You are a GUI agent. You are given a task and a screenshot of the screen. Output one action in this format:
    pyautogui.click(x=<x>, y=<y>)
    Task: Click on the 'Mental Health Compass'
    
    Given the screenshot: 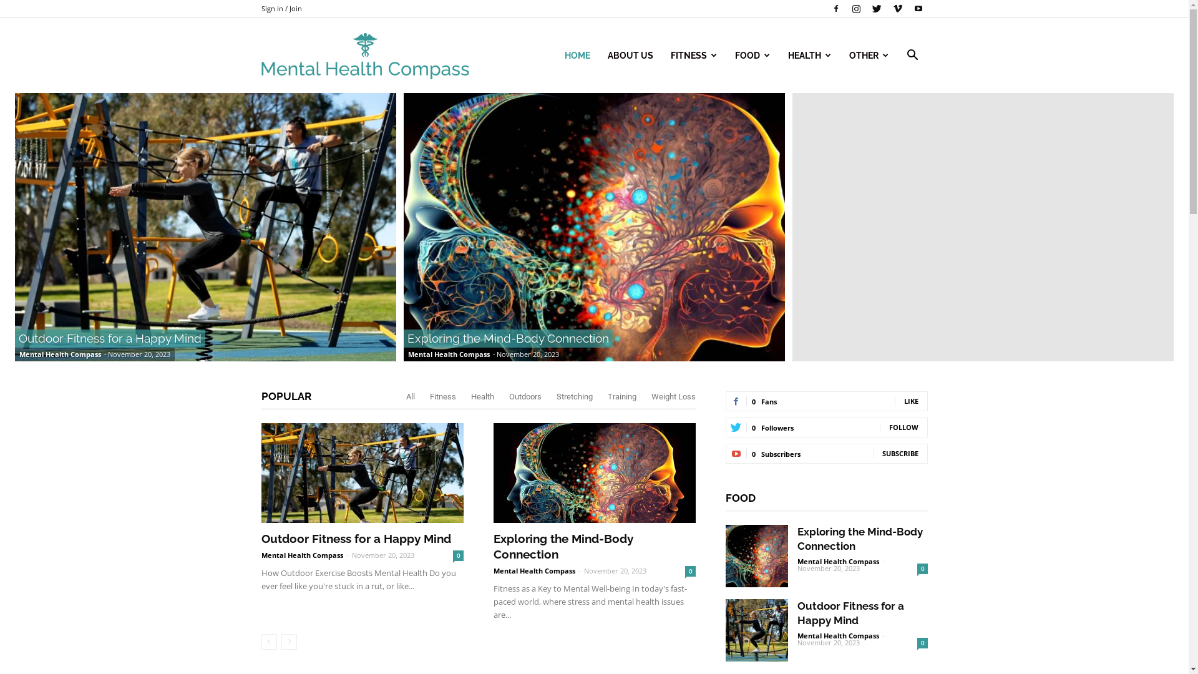 What is the action you would take?
    pyautogui.click(x=449, y=354)
    